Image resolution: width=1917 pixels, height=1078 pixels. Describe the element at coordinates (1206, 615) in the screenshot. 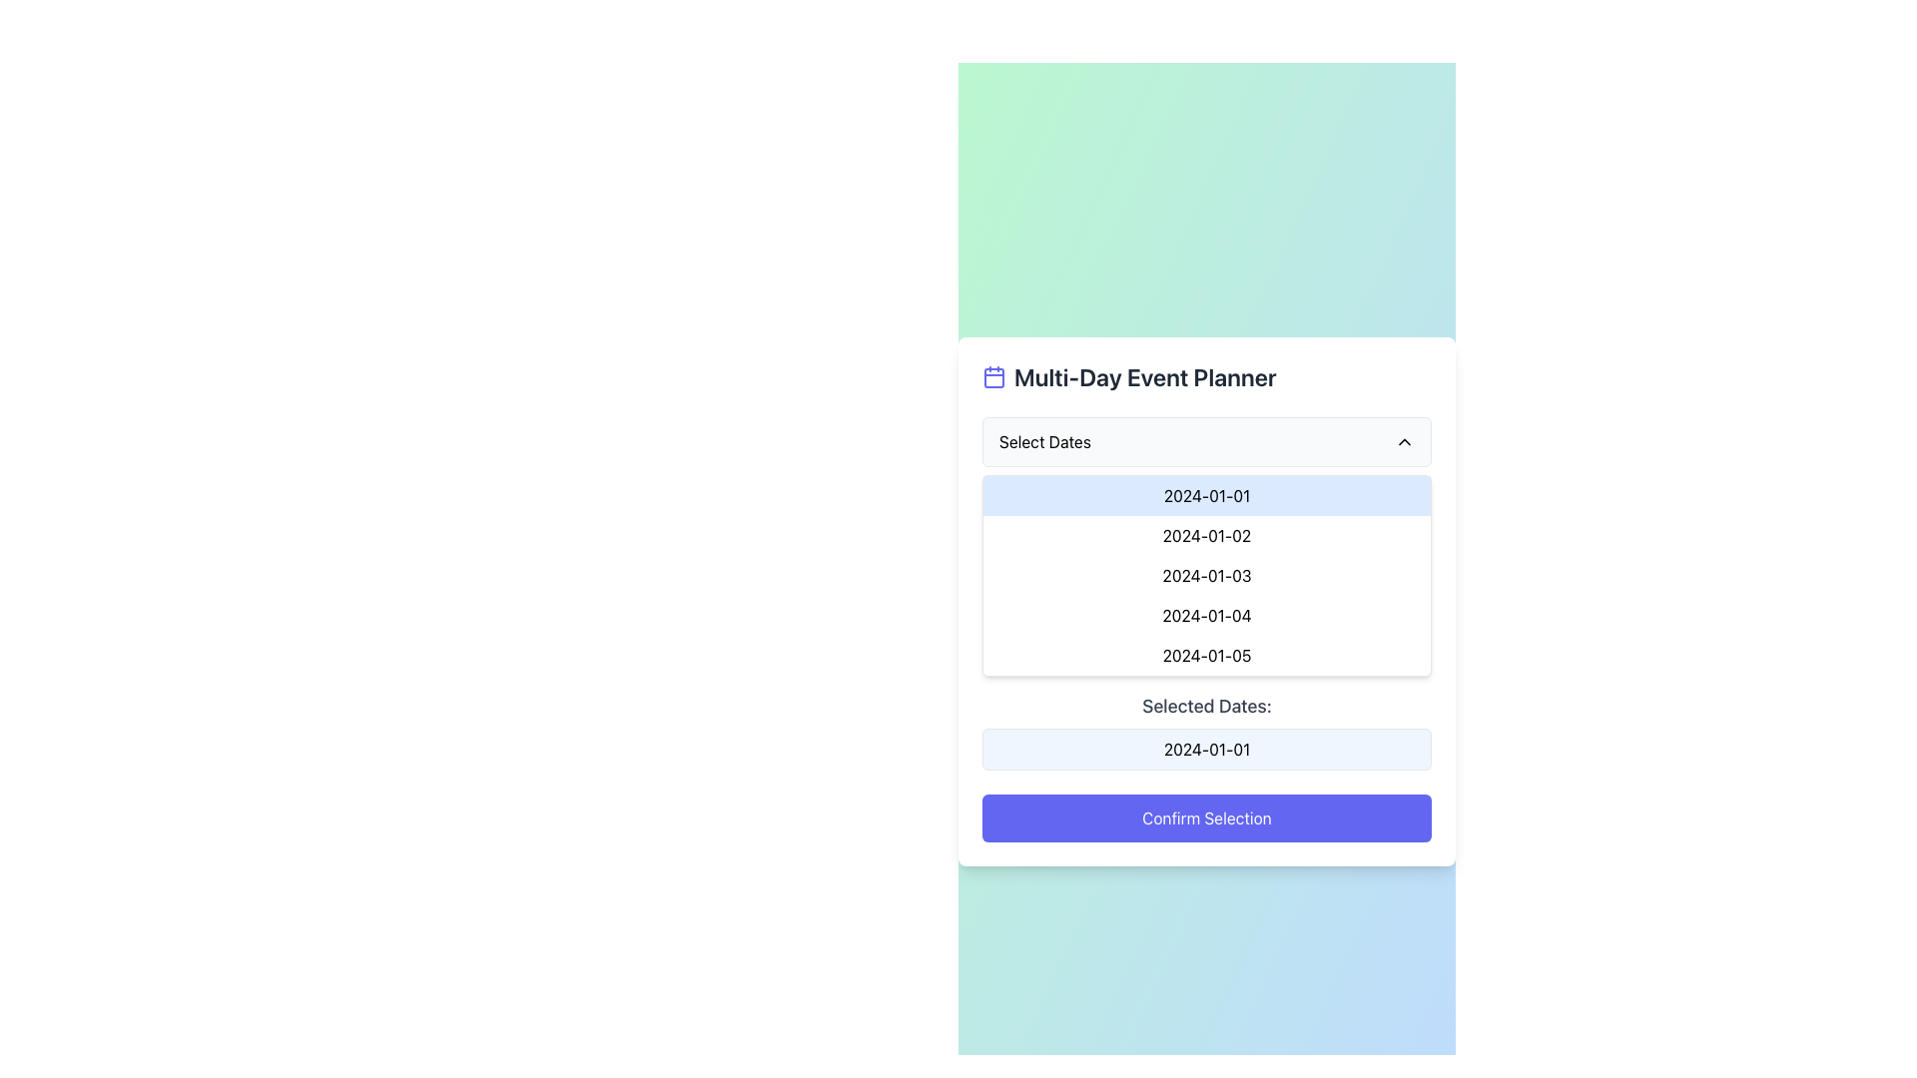

I see `the text entry displaying the date '2024-01-04'` at that location.